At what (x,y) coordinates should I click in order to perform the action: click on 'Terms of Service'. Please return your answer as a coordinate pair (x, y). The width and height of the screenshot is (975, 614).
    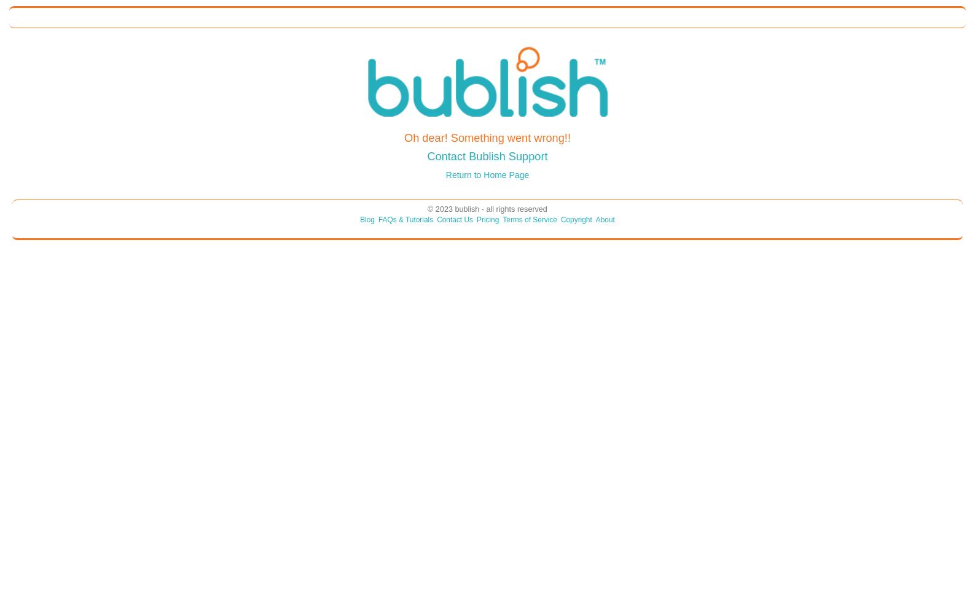
    Looking at the image, I should click on (529, 219).